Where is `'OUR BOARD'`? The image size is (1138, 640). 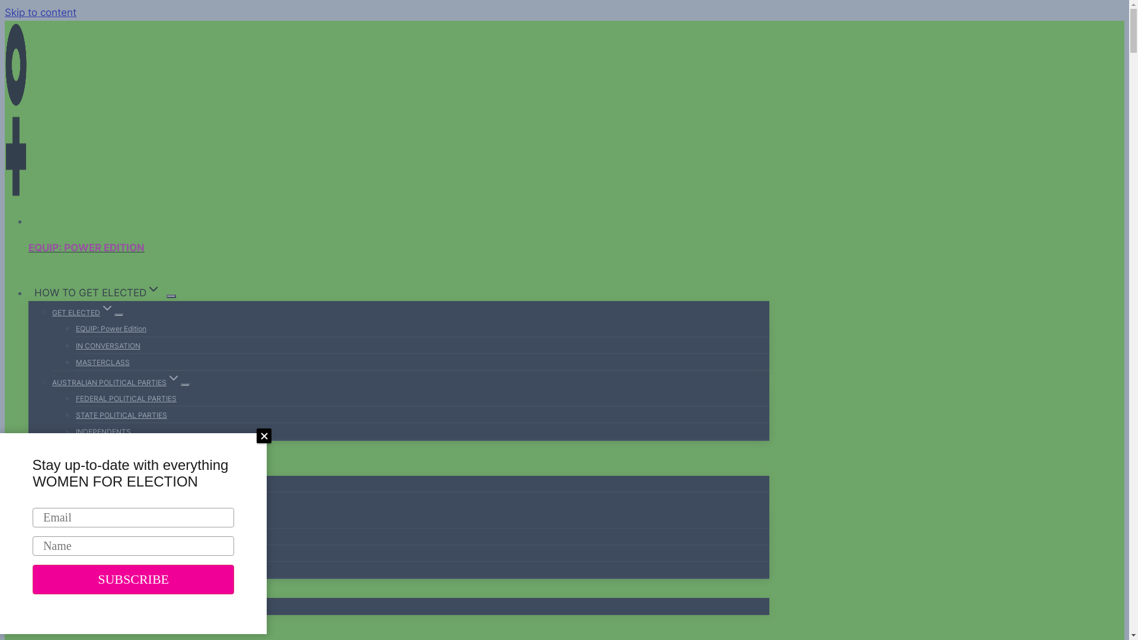 'OUR BOARD' is located at coordinates (97, 537).